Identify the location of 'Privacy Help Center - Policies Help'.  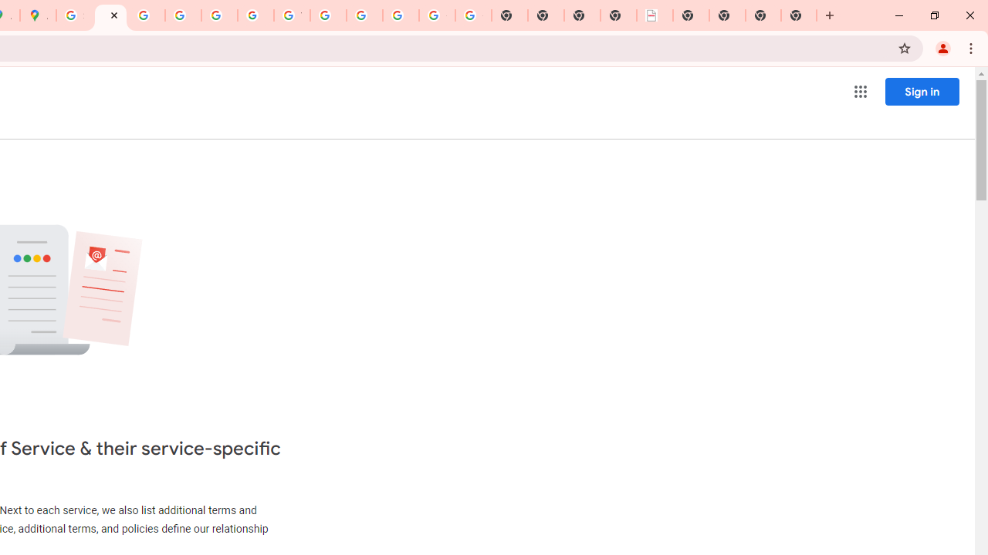
(183, 15).